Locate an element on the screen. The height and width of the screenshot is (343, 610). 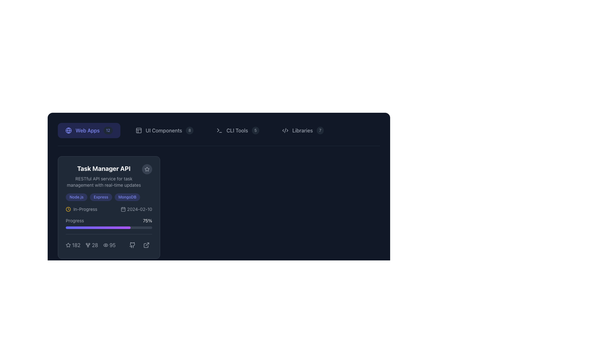
the static text label displaying the number of views, which shows the value '95' in the bottom-right corner of the Task Manager API component is located at coordinates (109, 245).